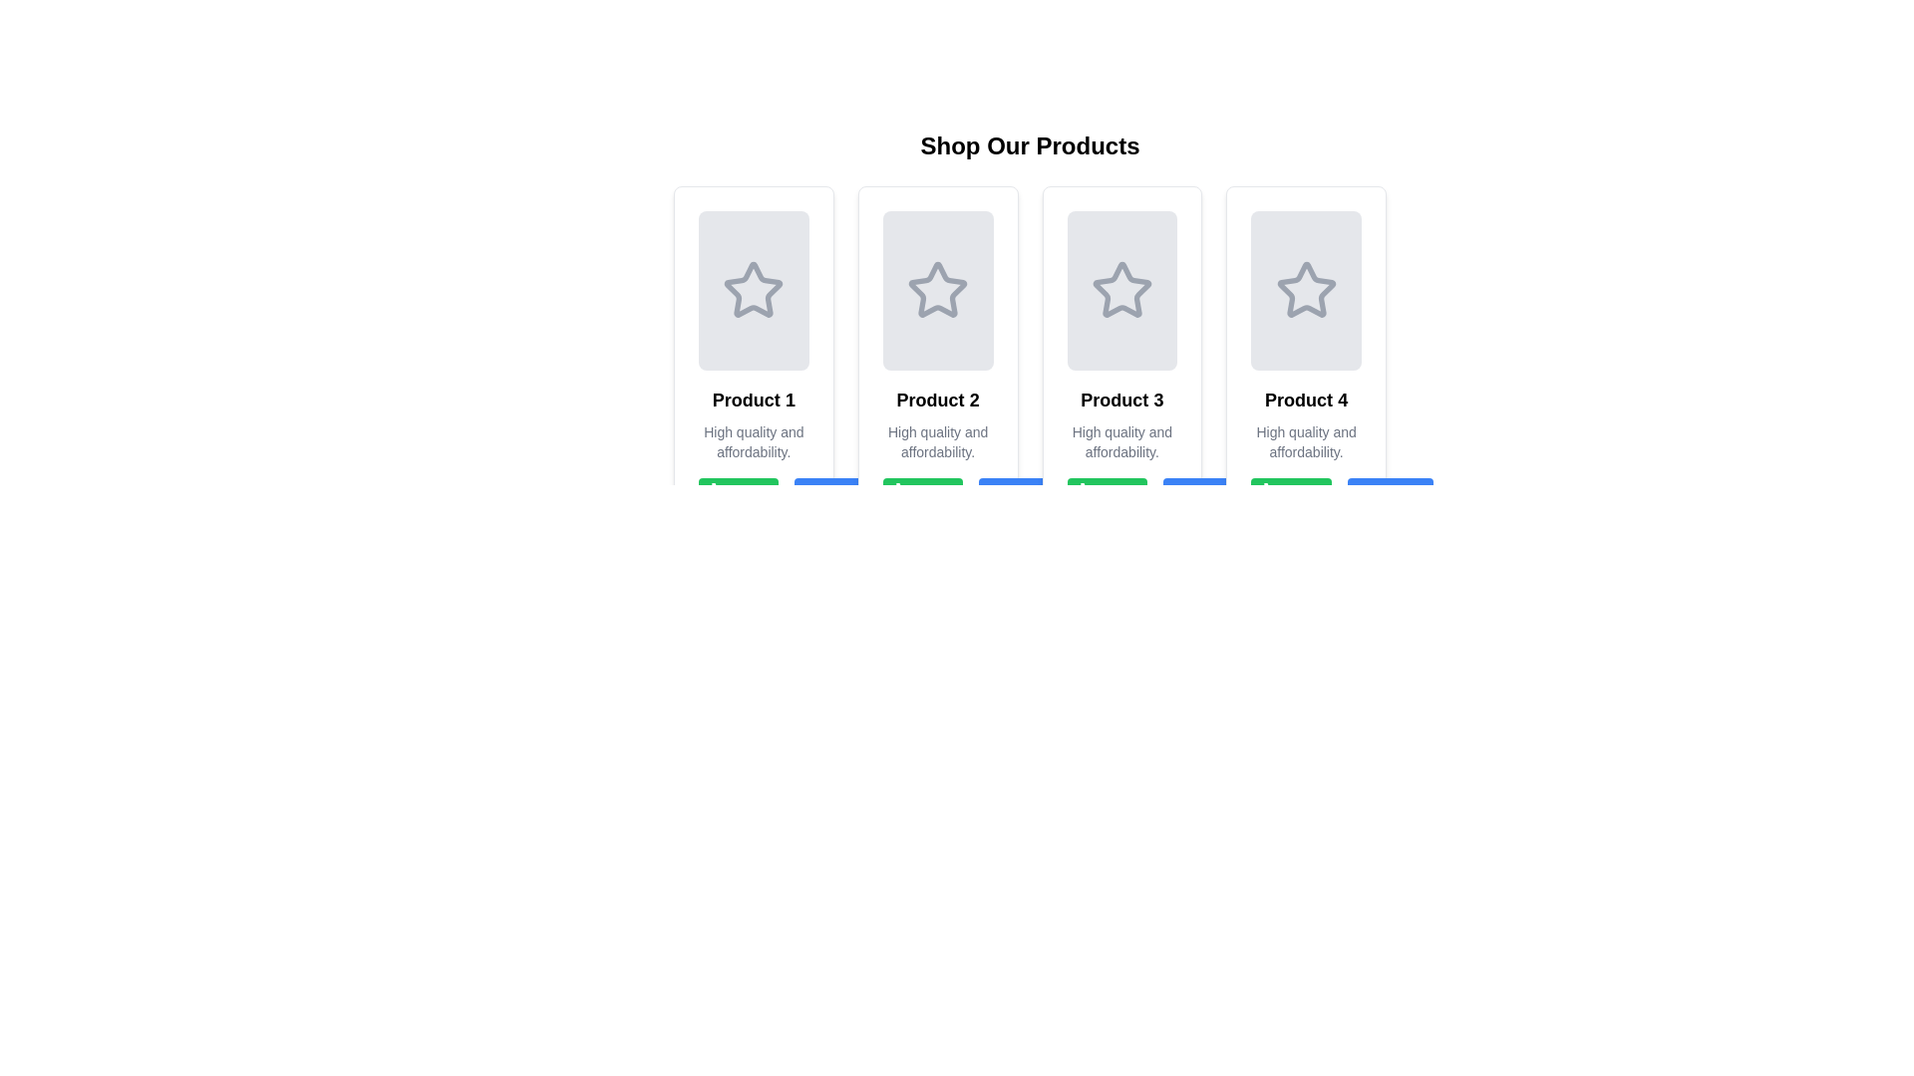  I want to click on the static text displaying 'Product 3' which is located in the third column of the product cards, positioned above the description text and below a star icon, so click(1121, 400).